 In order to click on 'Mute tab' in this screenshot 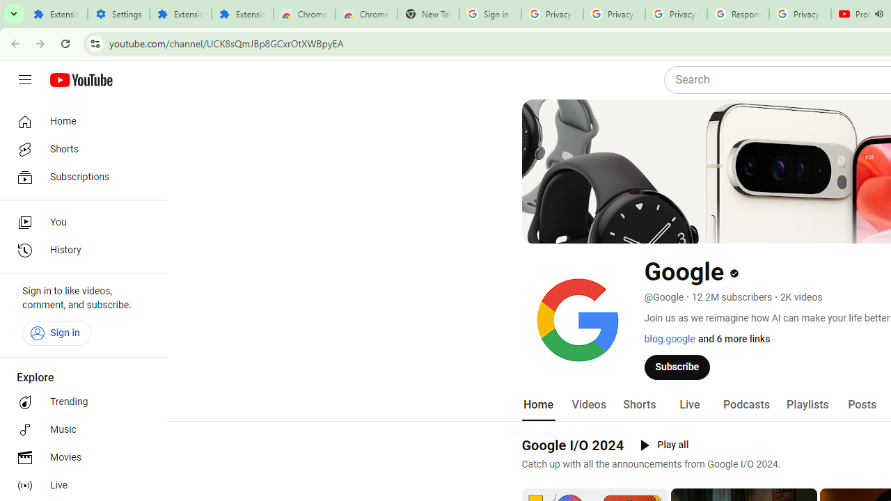, I will do `click(878, 14)`.